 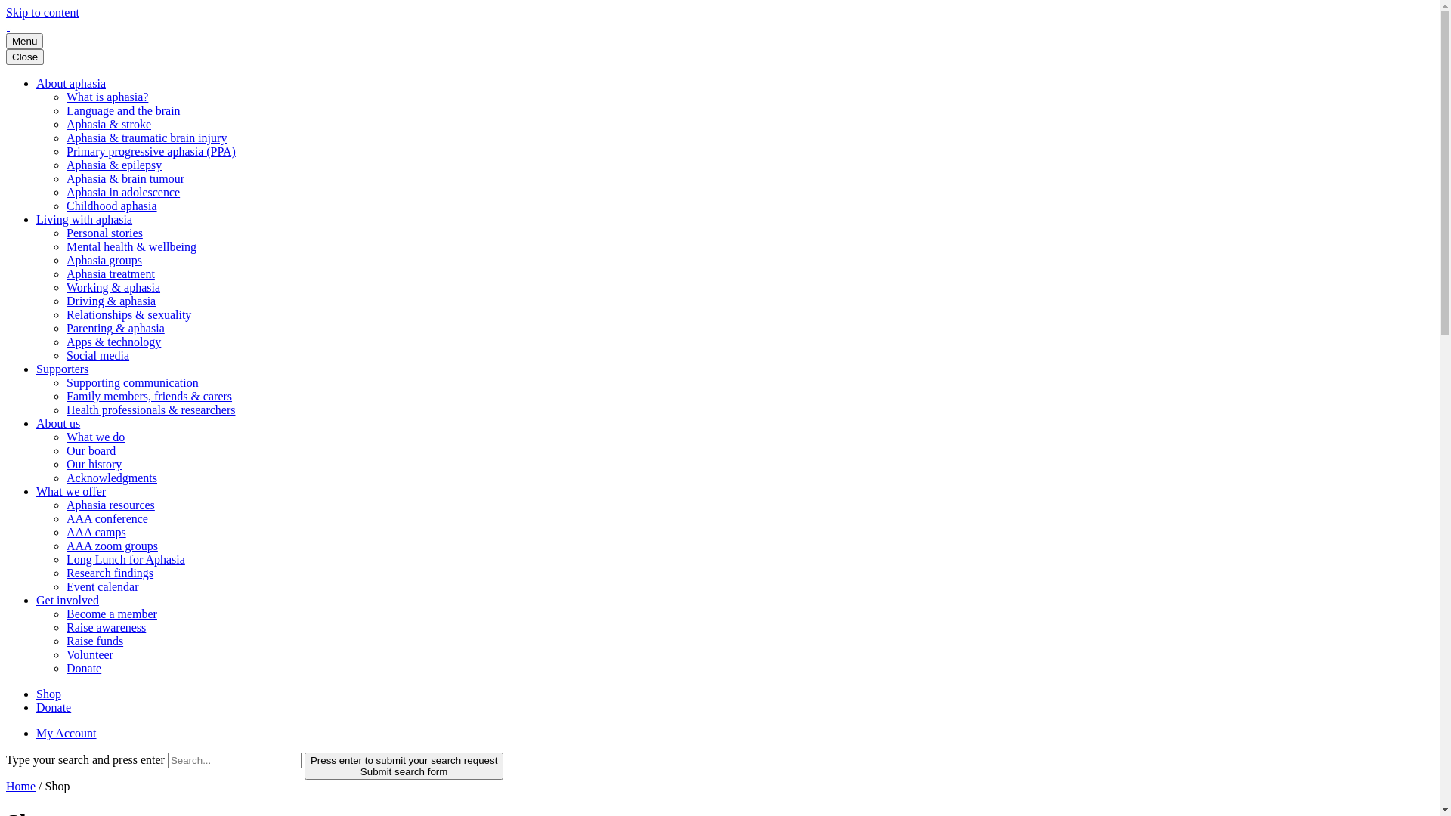 What do you see at coordinates (65, 327) in the screenshot?
I see `'Parenting & aphasia'` at bounding box center [65, 327].